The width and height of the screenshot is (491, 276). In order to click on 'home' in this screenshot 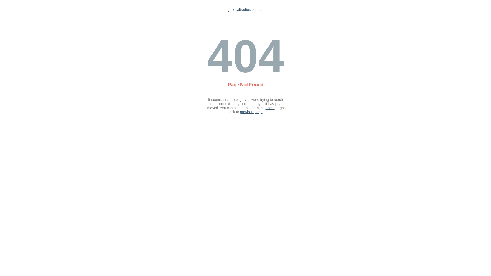, I will do `click(270, 107)`.